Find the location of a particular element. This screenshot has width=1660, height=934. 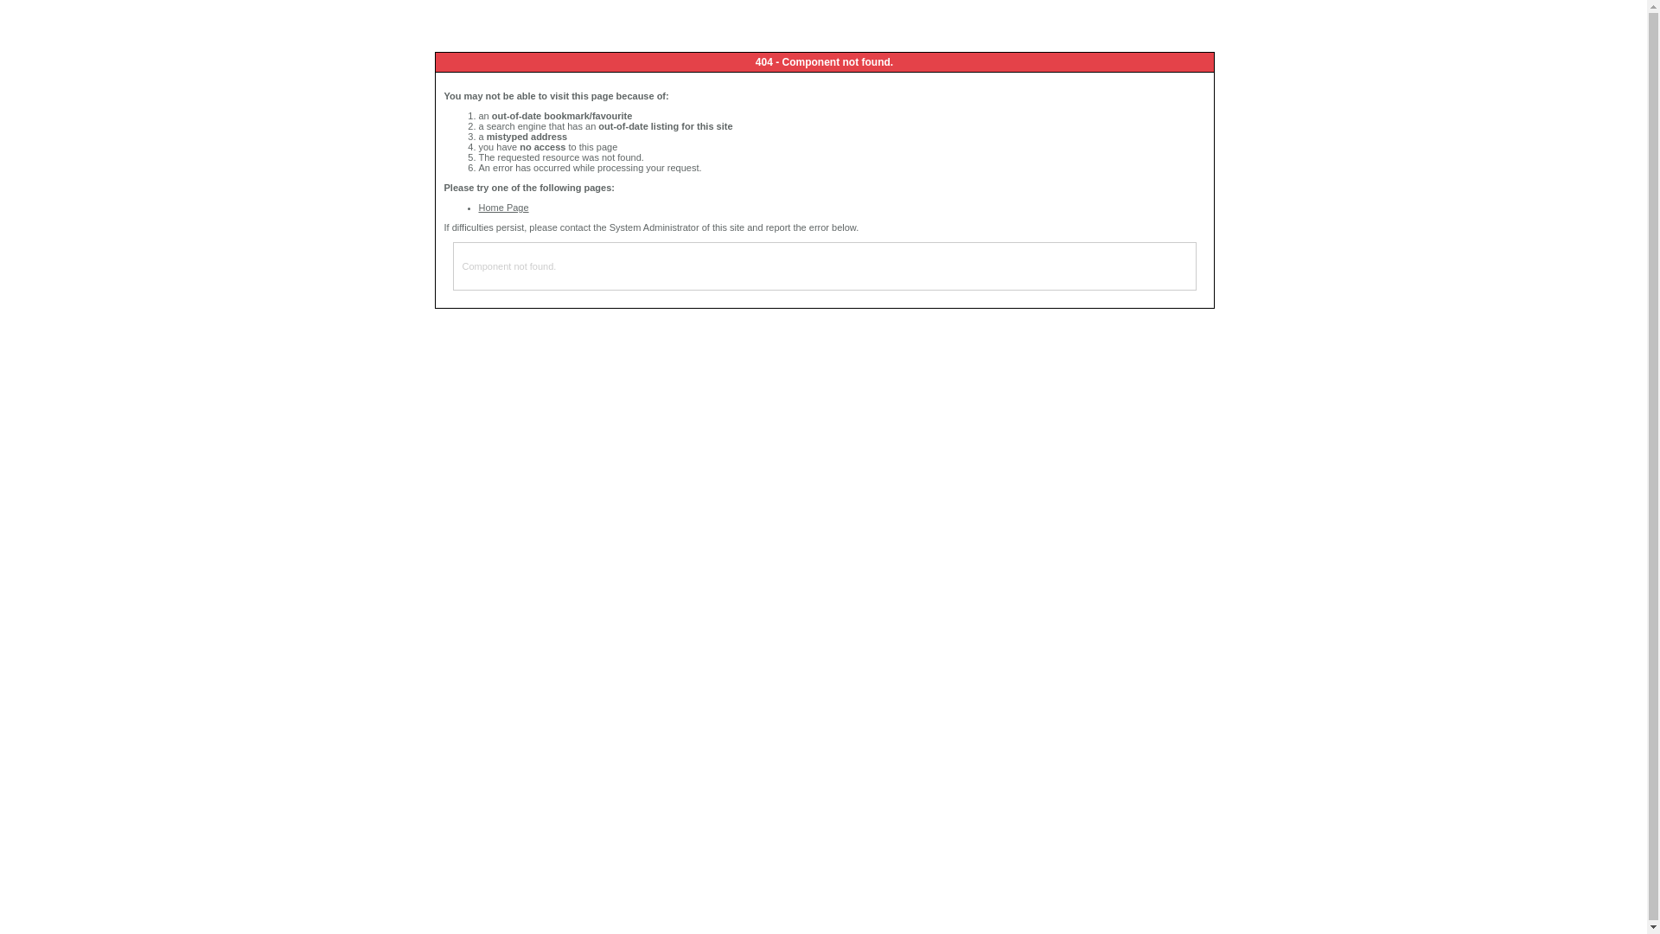

'Home Page' is located at coordinates (502, 206).